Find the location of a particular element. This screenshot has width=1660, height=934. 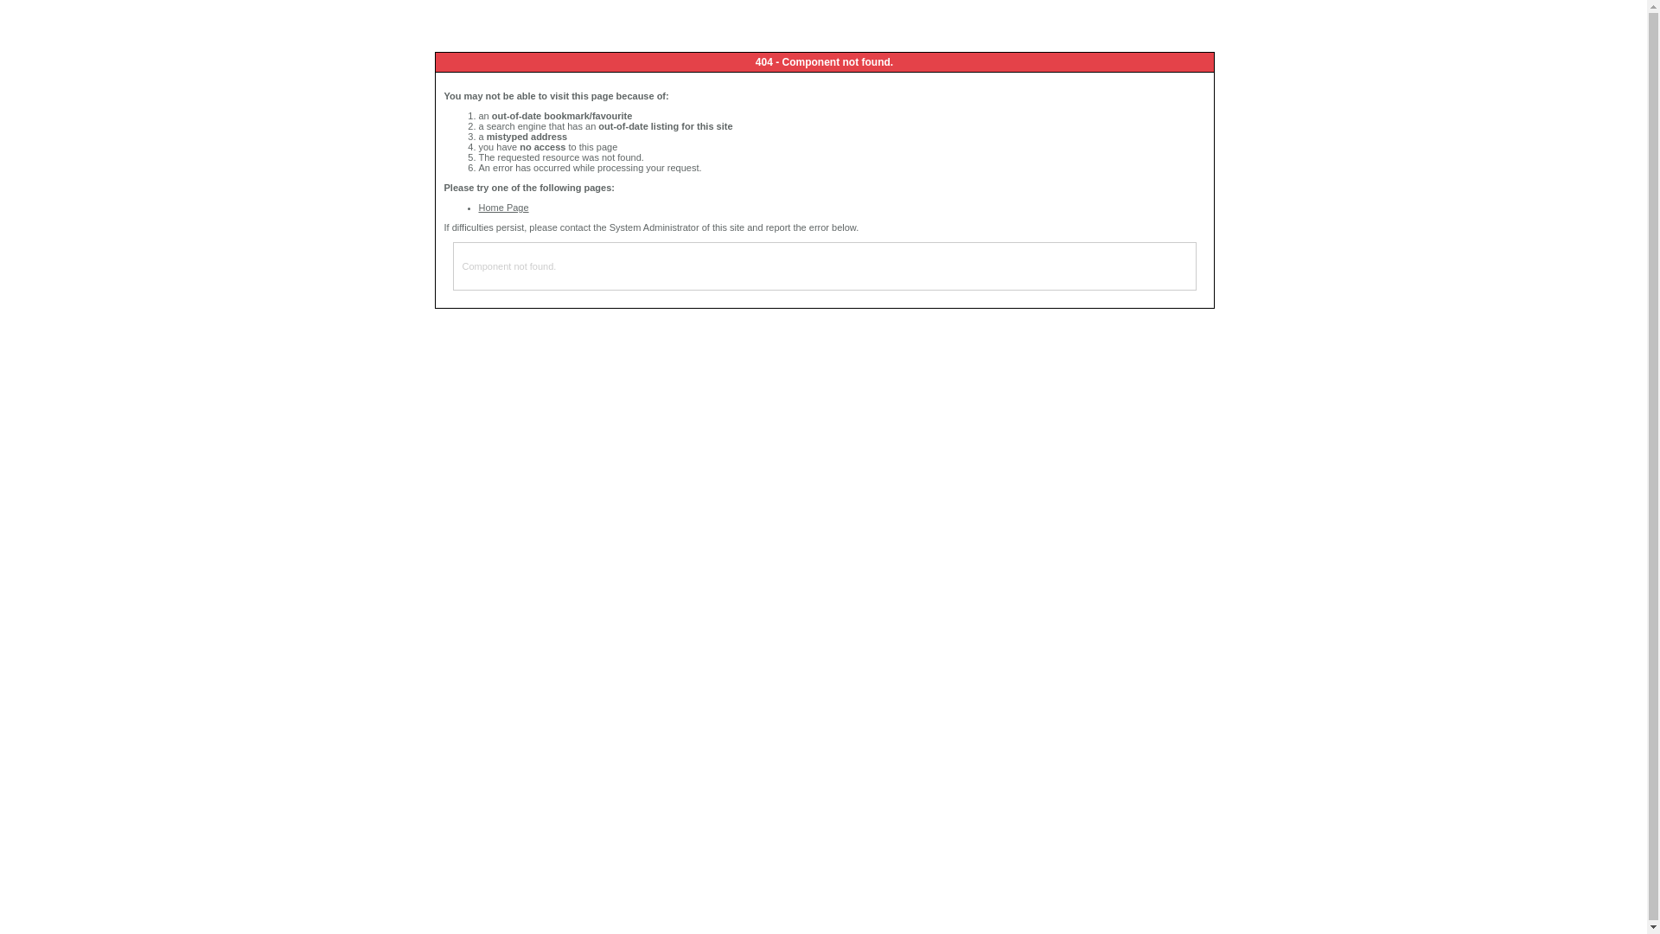

'Home Page' is located at coordinates (502, 206).